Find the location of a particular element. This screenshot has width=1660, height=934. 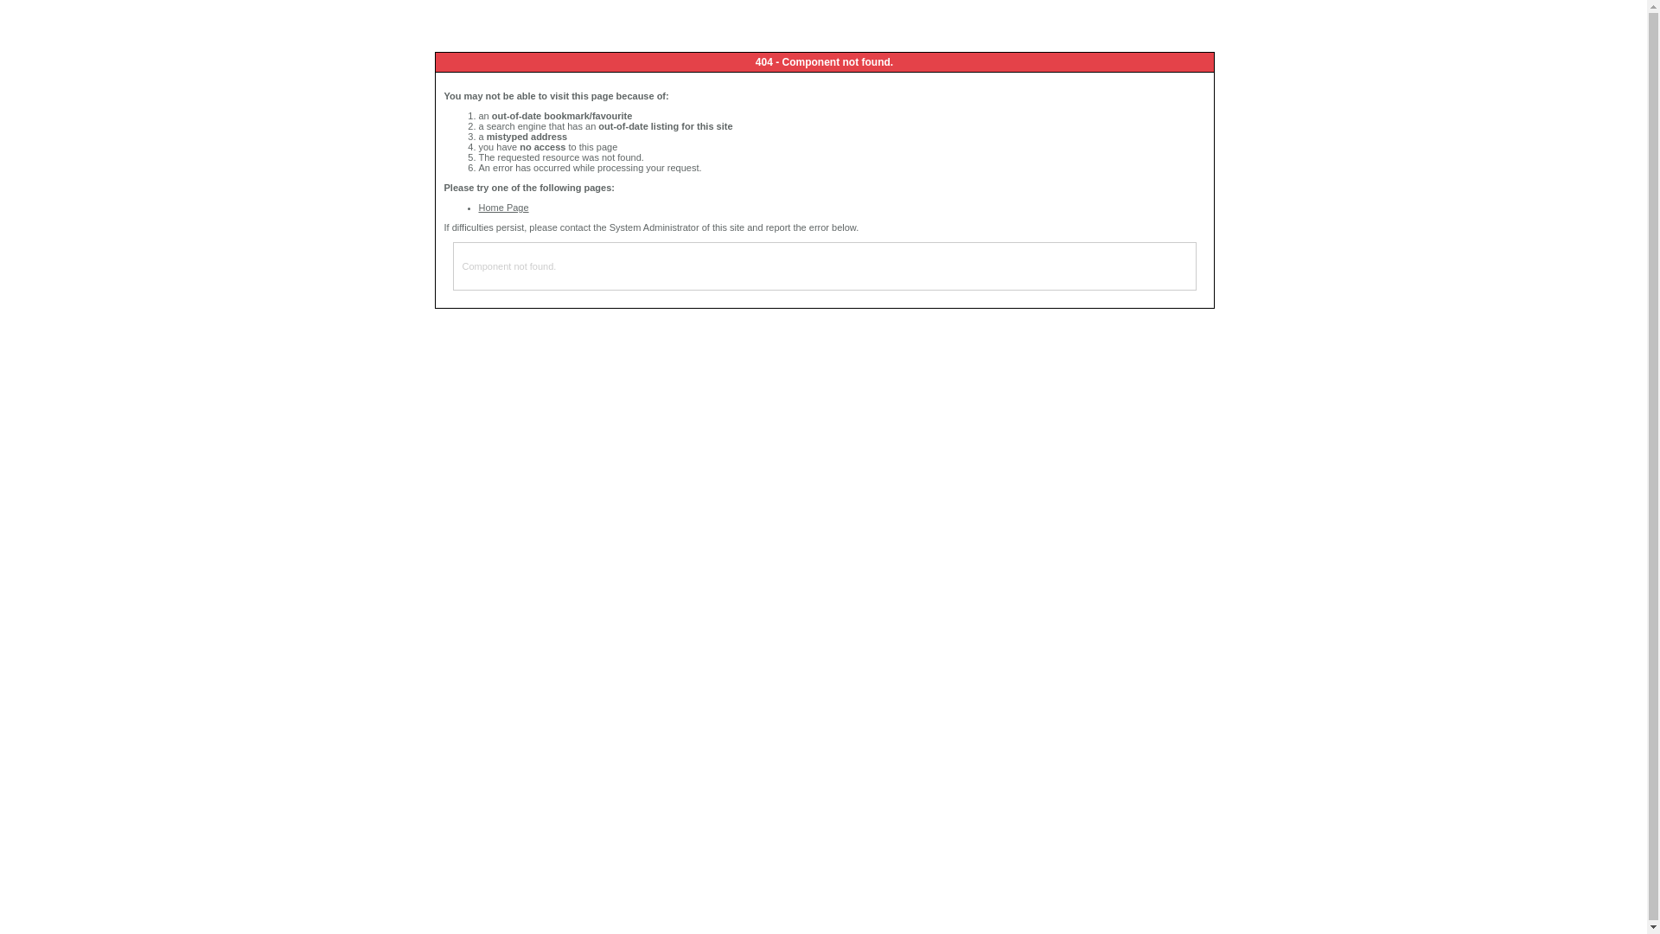

'Home Page' is located at coordinates (502, 206).